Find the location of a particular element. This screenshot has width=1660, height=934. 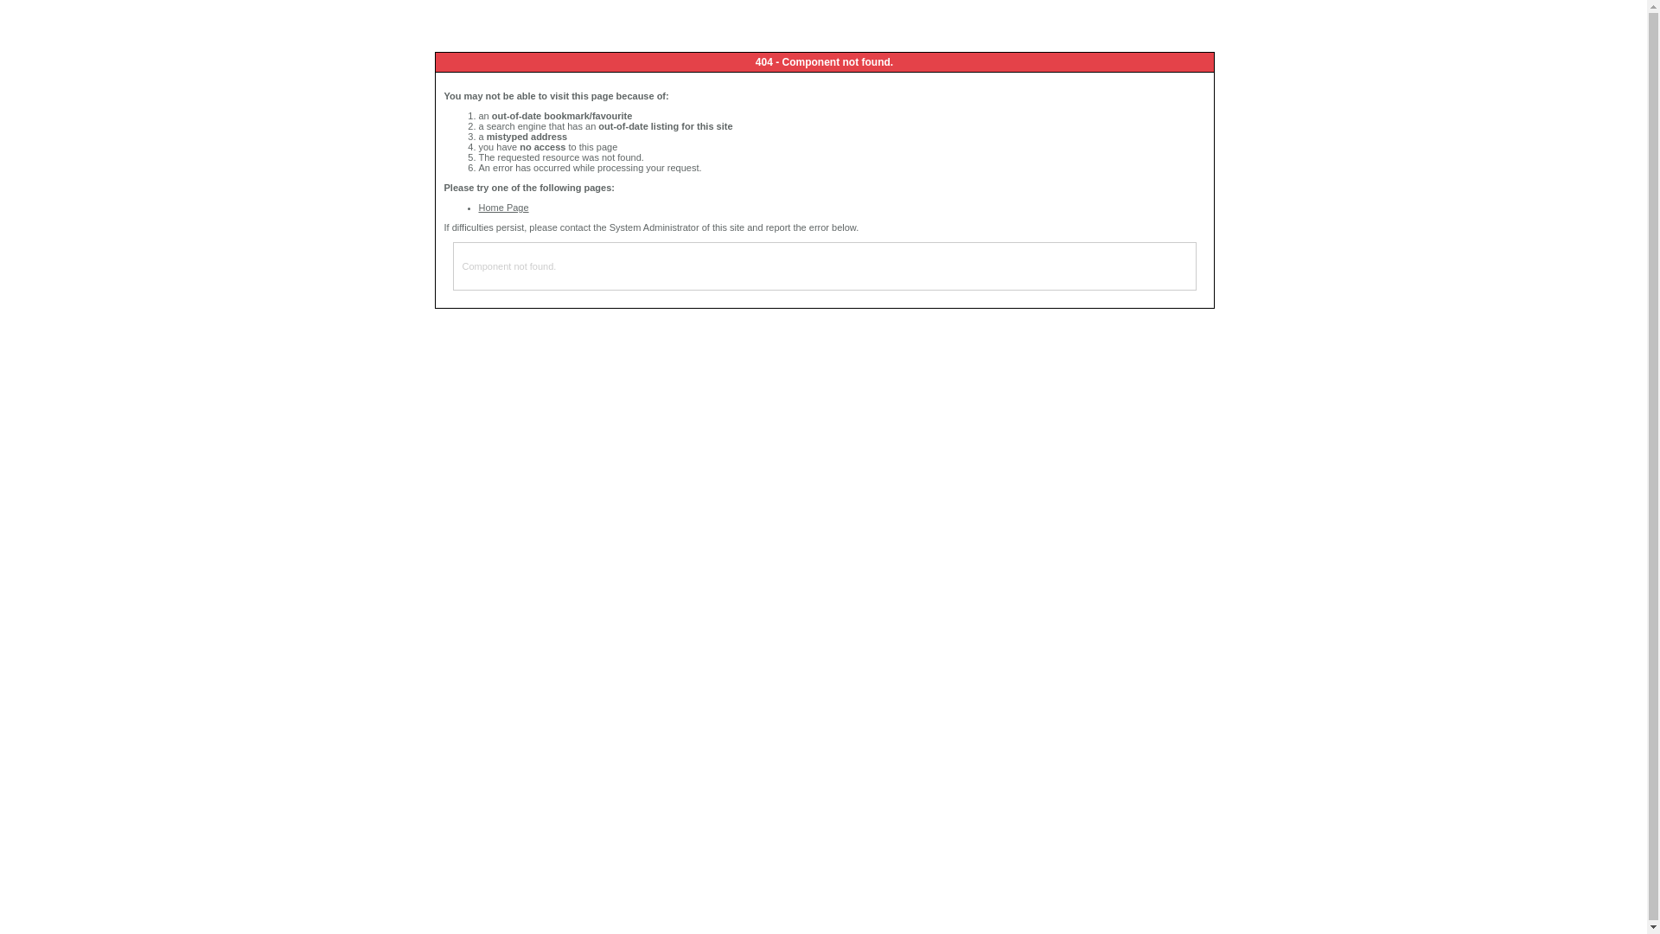

'Home Page' is located at coordinates (502, 206).